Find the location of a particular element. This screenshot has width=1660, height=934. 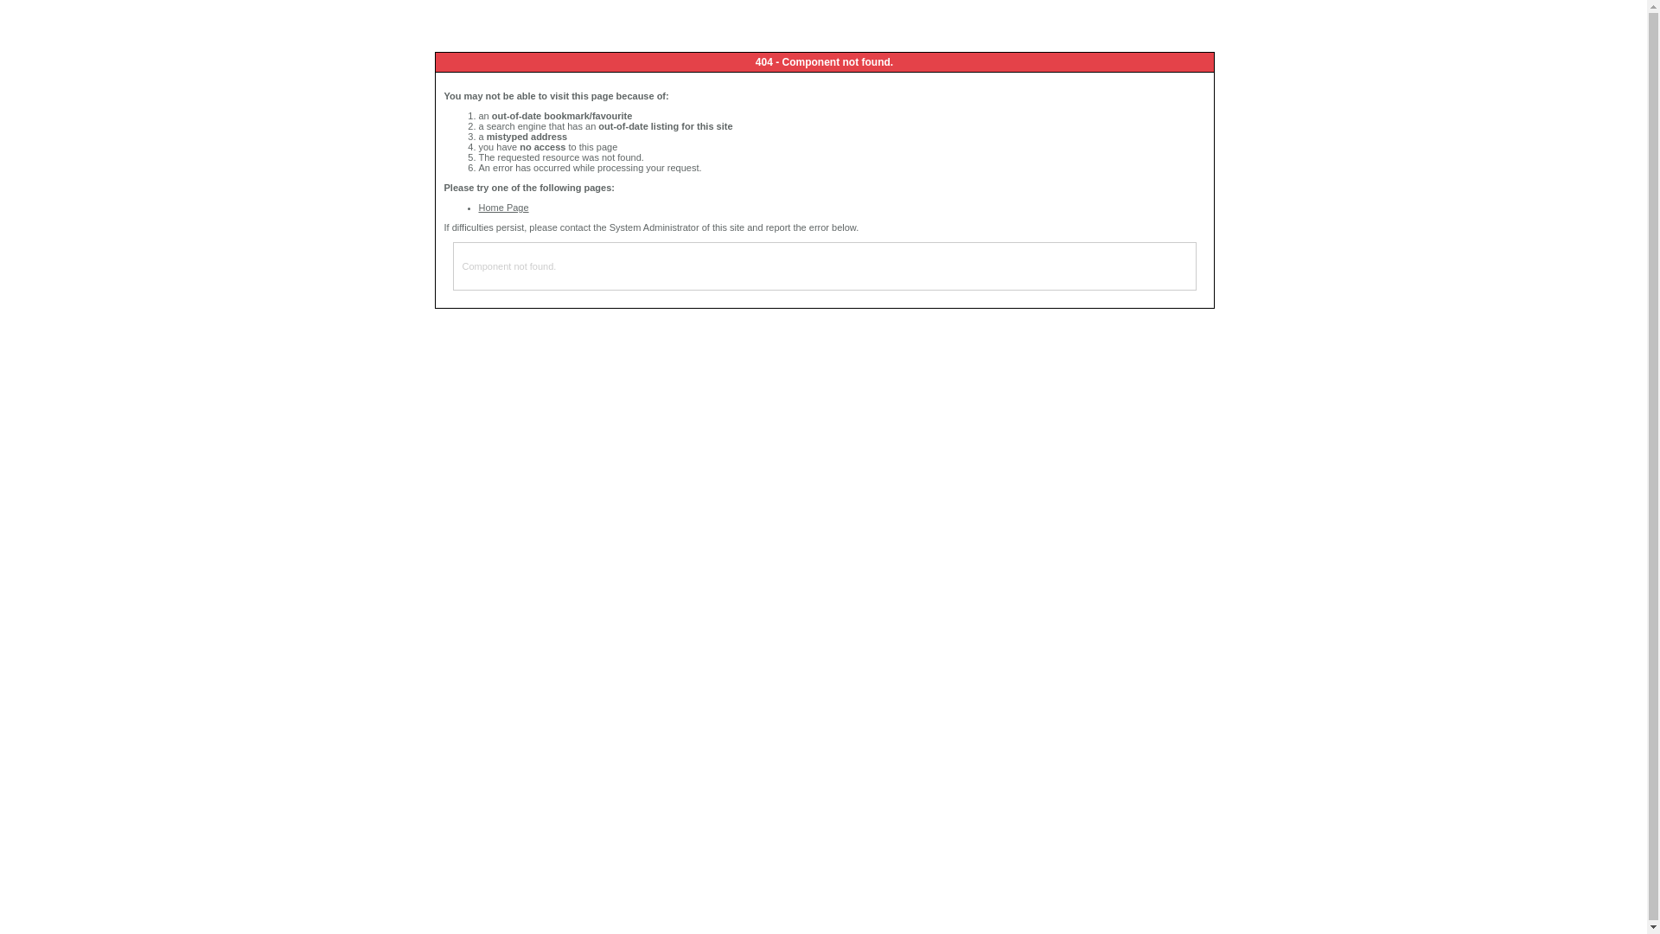

'Home Page' is located at coordinates (502, 206).